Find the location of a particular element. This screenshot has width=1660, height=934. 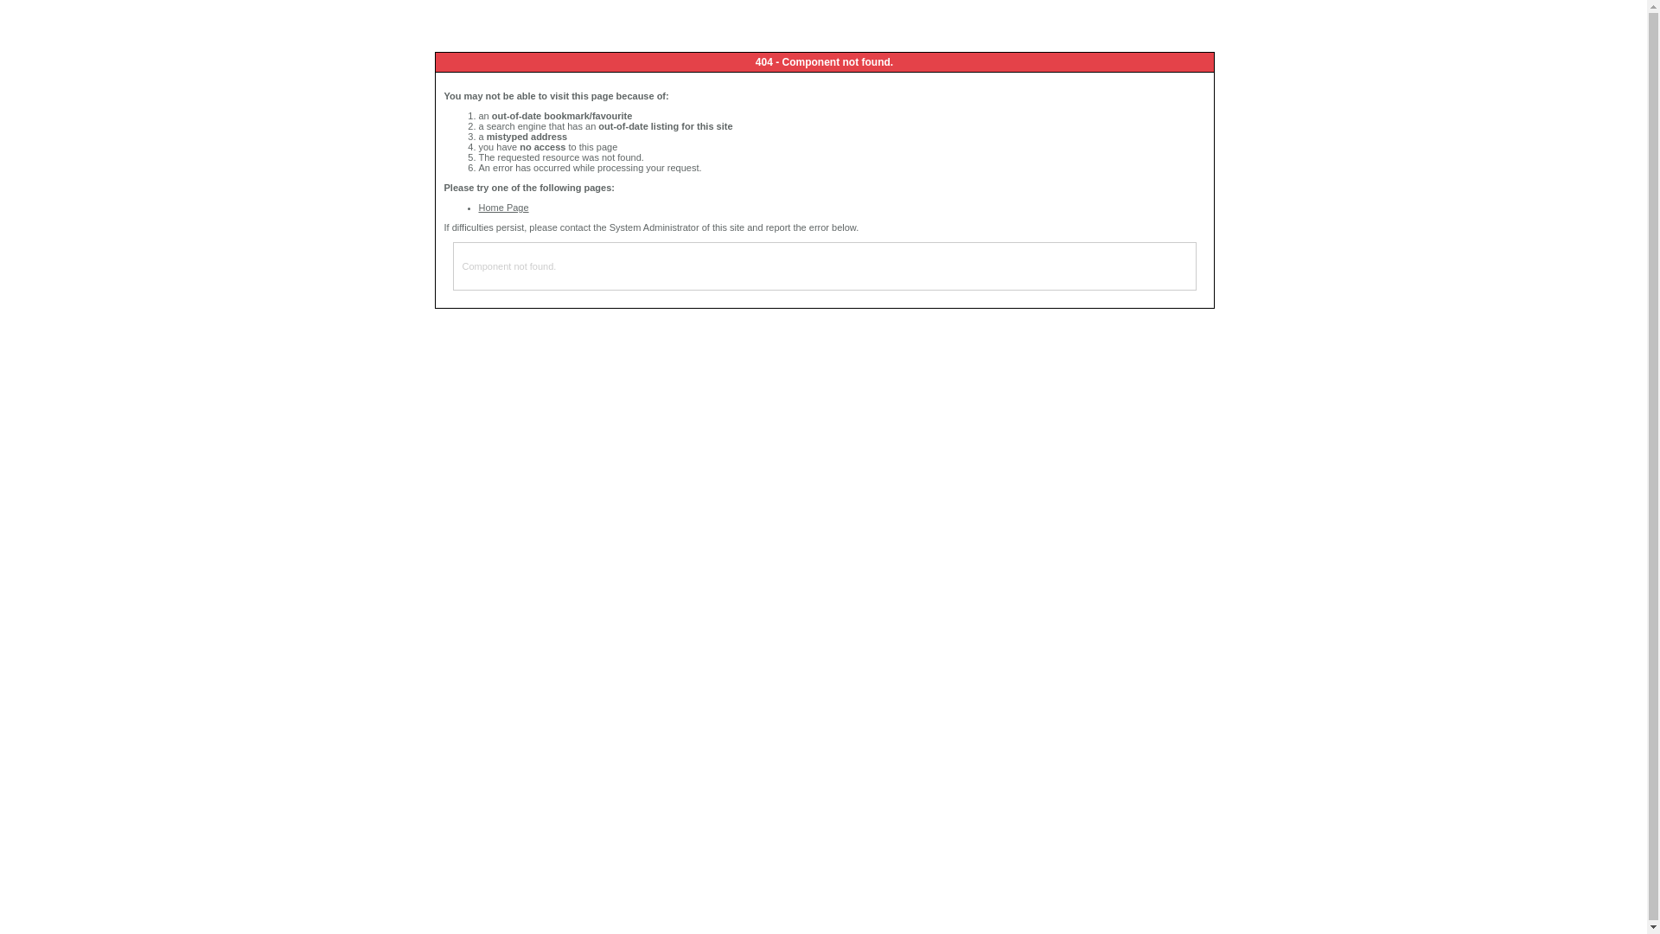

'Home Page' is located at coordinates (502, 206).